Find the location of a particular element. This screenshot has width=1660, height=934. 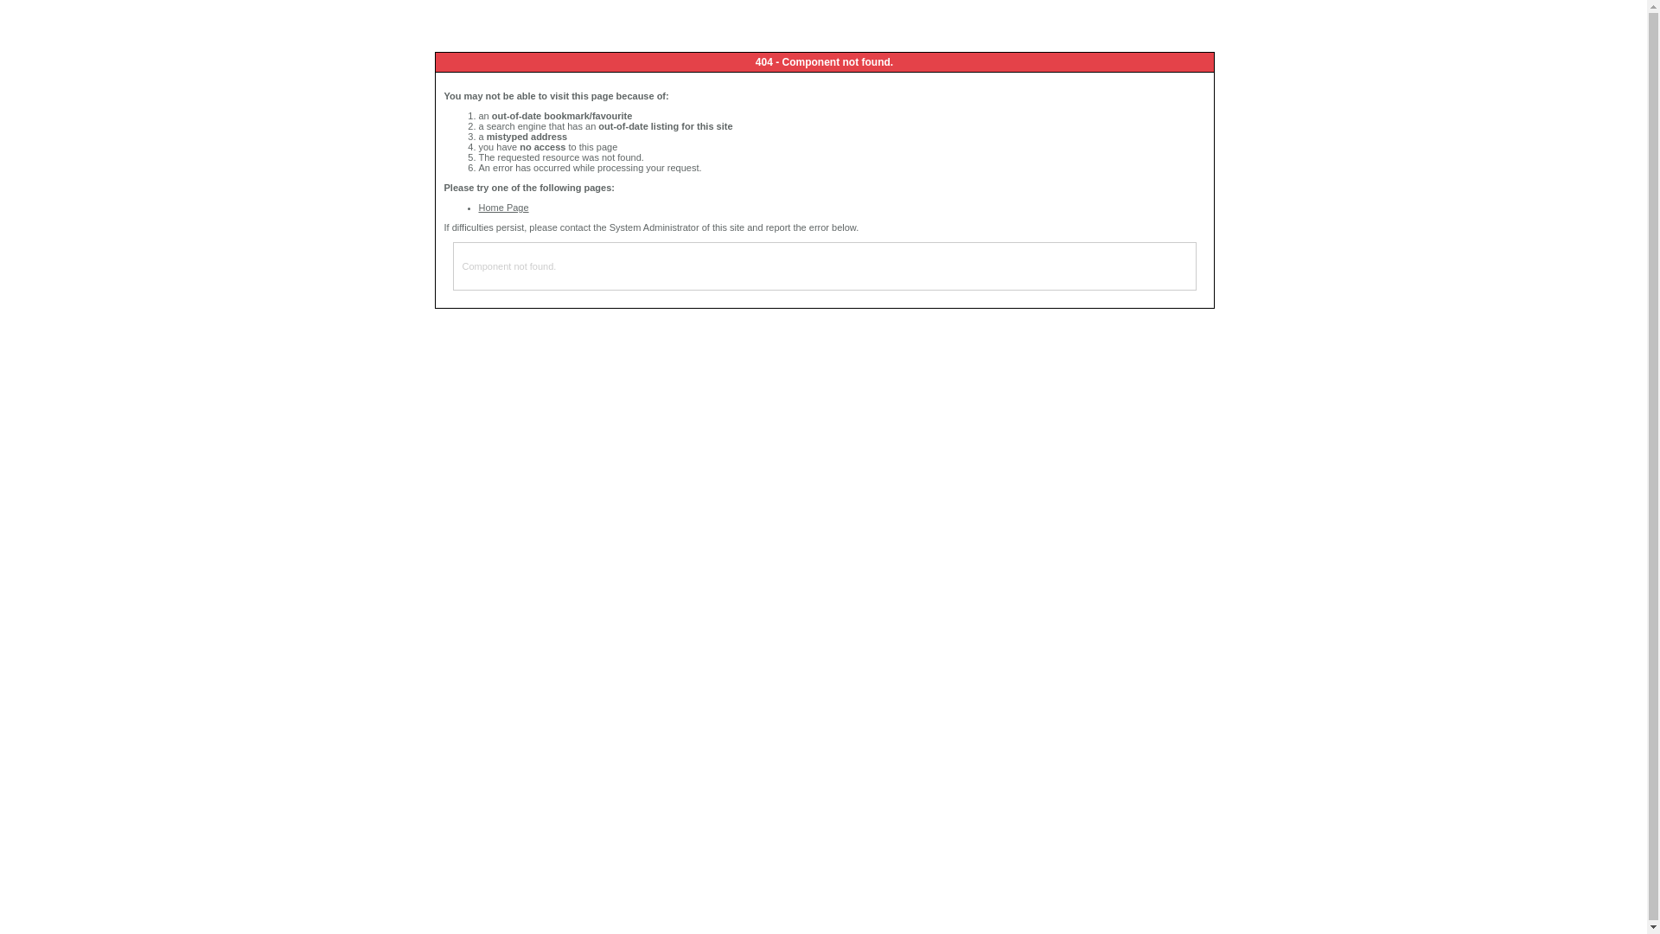

'Home Page' is located at coordinates (502, 206).